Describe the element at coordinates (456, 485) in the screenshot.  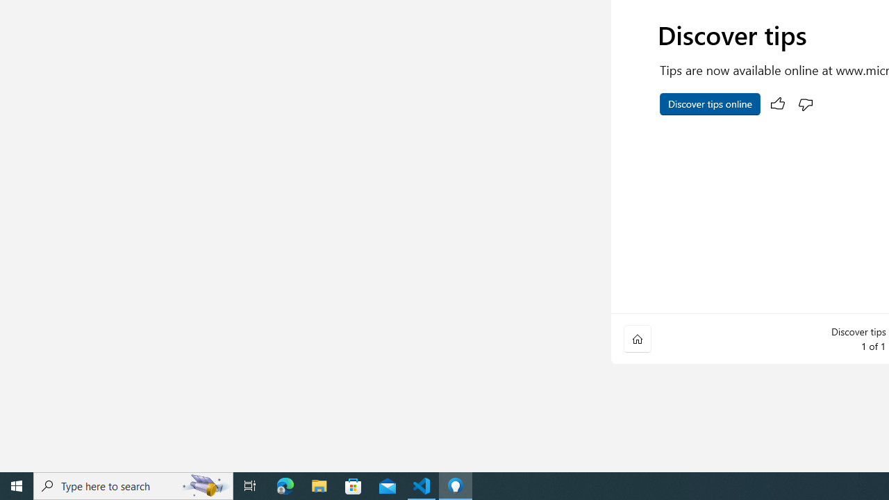
I see `'Tips - 1 running window'` at that location.